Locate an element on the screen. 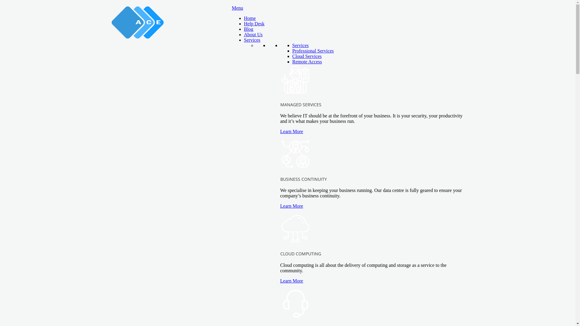 The width and height of the screenshot is (580, 326). 'Cloud Services' is located at coordinates (307, 56).